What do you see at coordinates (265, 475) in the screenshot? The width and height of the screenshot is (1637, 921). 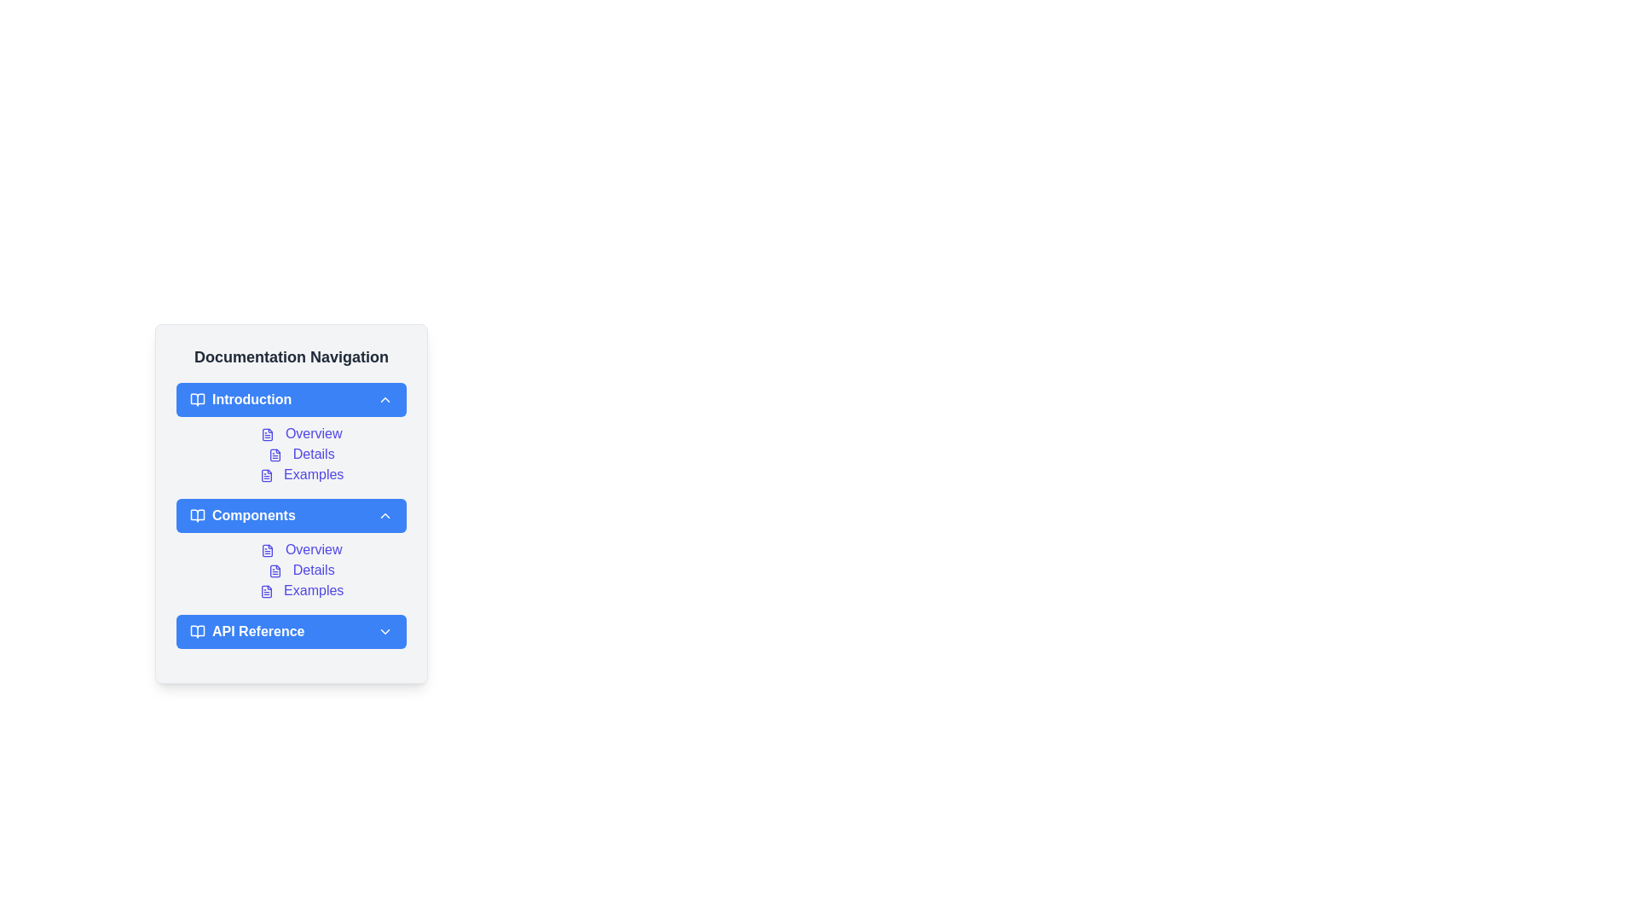 I see `the visual indicator icon next to the 'Examples' label in the vertical navigation menu under the 'Introduction' category` at bounding box center [265, 475].